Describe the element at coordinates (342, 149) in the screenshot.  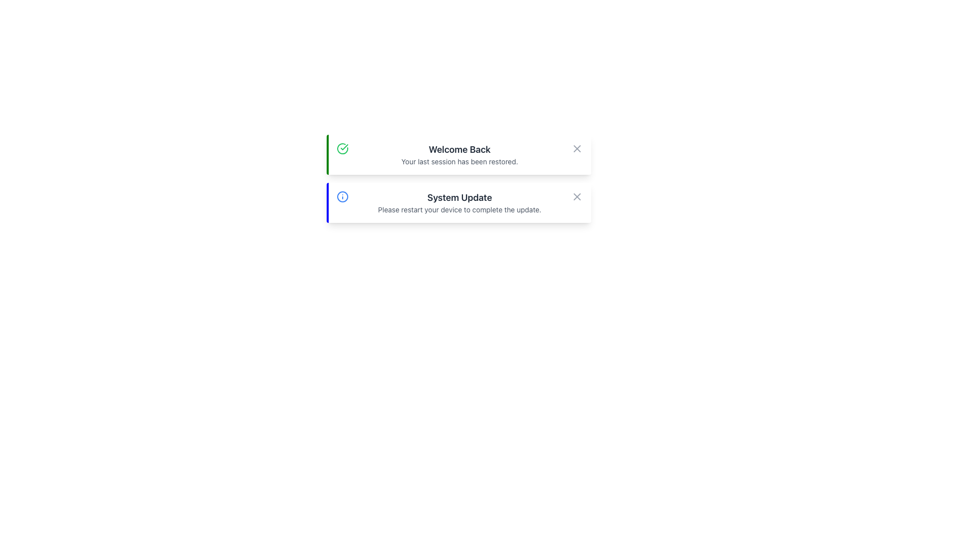
I see `the status representation of the circular icon with a green stroke and check mark, located in the notification block titled 'Welcome Back'` at that location.